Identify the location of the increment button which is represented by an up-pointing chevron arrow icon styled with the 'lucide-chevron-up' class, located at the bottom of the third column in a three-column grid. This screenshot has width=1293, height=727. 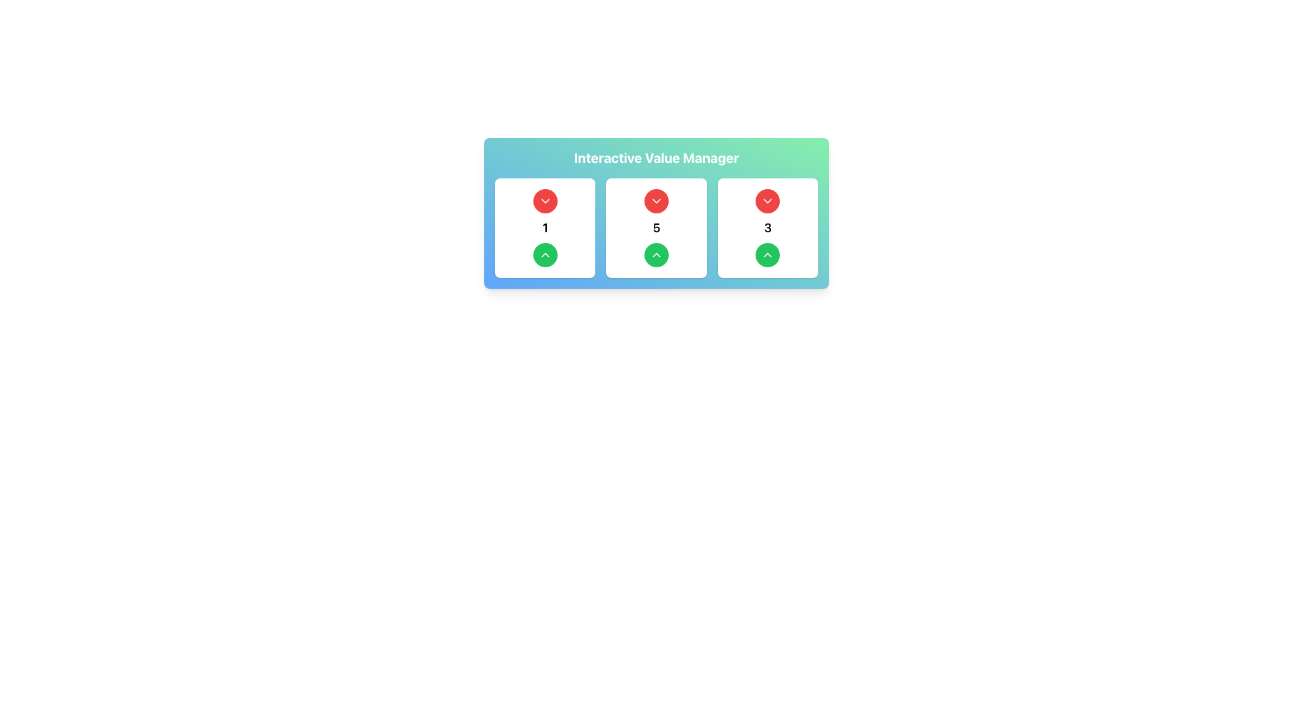
(768, 254).